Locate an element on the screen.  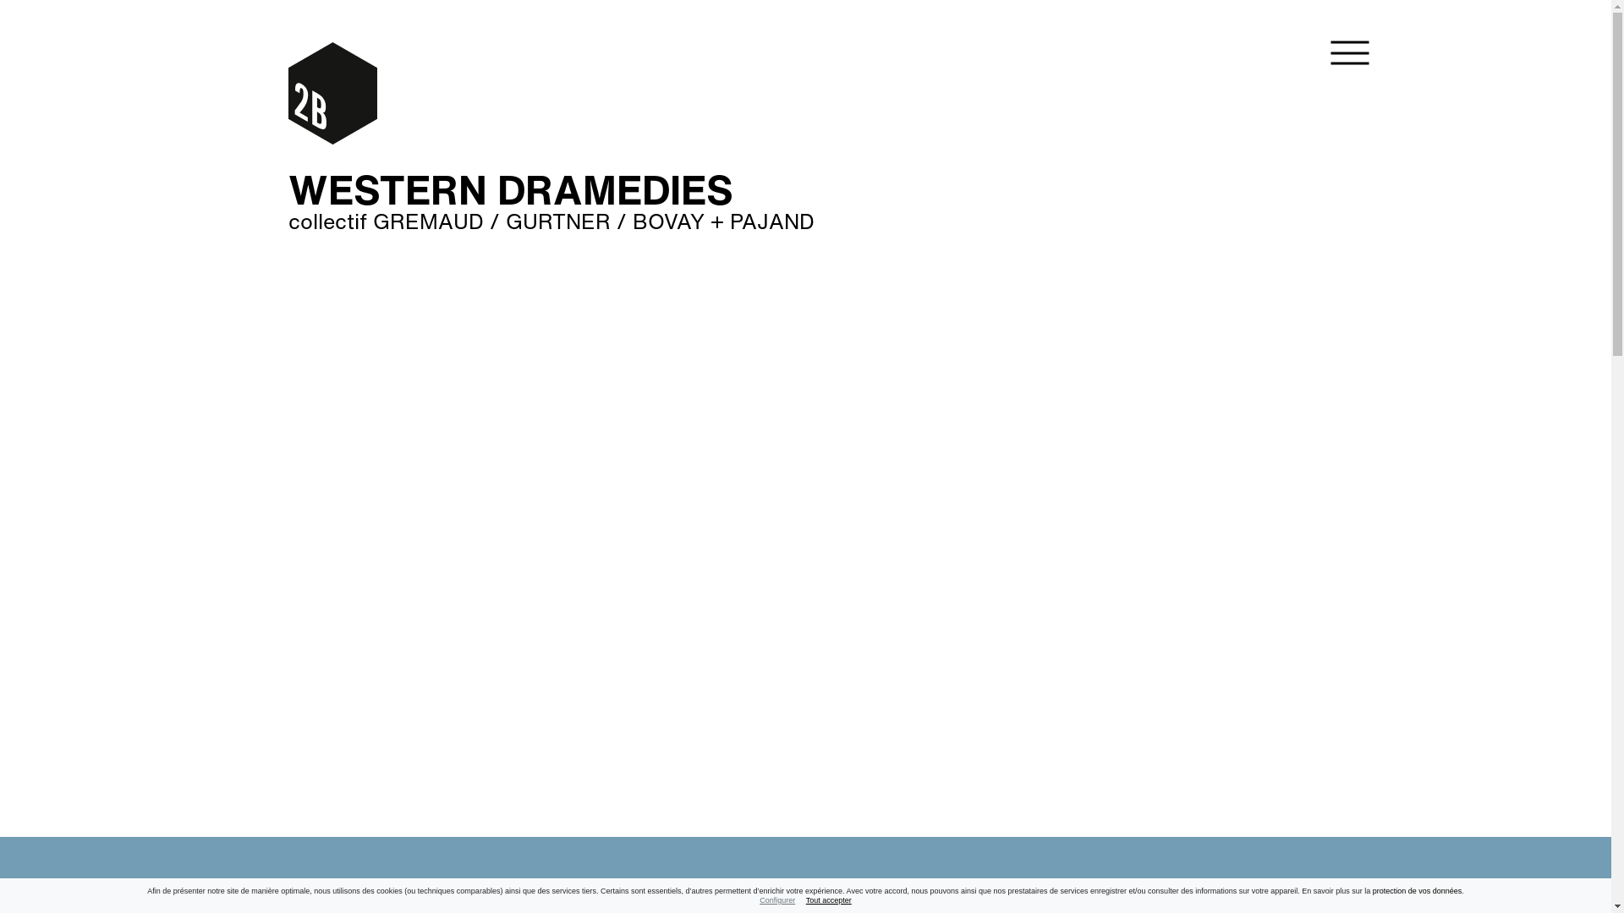
'Configurer' is located at coordinates (776, 899).